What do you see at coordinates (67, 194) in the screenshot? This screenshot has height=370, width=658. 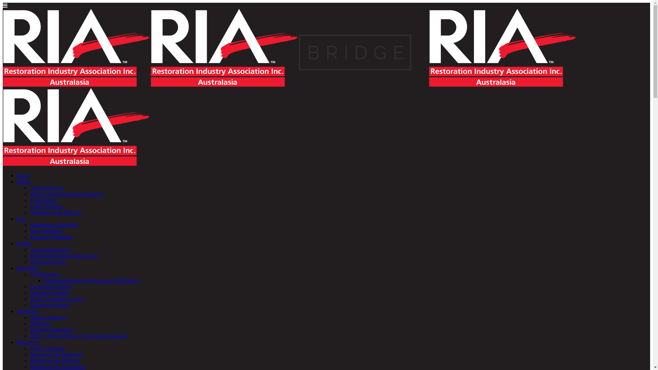 I see `'What is the Restoration Industry?'` at bounding box center [67, 194].